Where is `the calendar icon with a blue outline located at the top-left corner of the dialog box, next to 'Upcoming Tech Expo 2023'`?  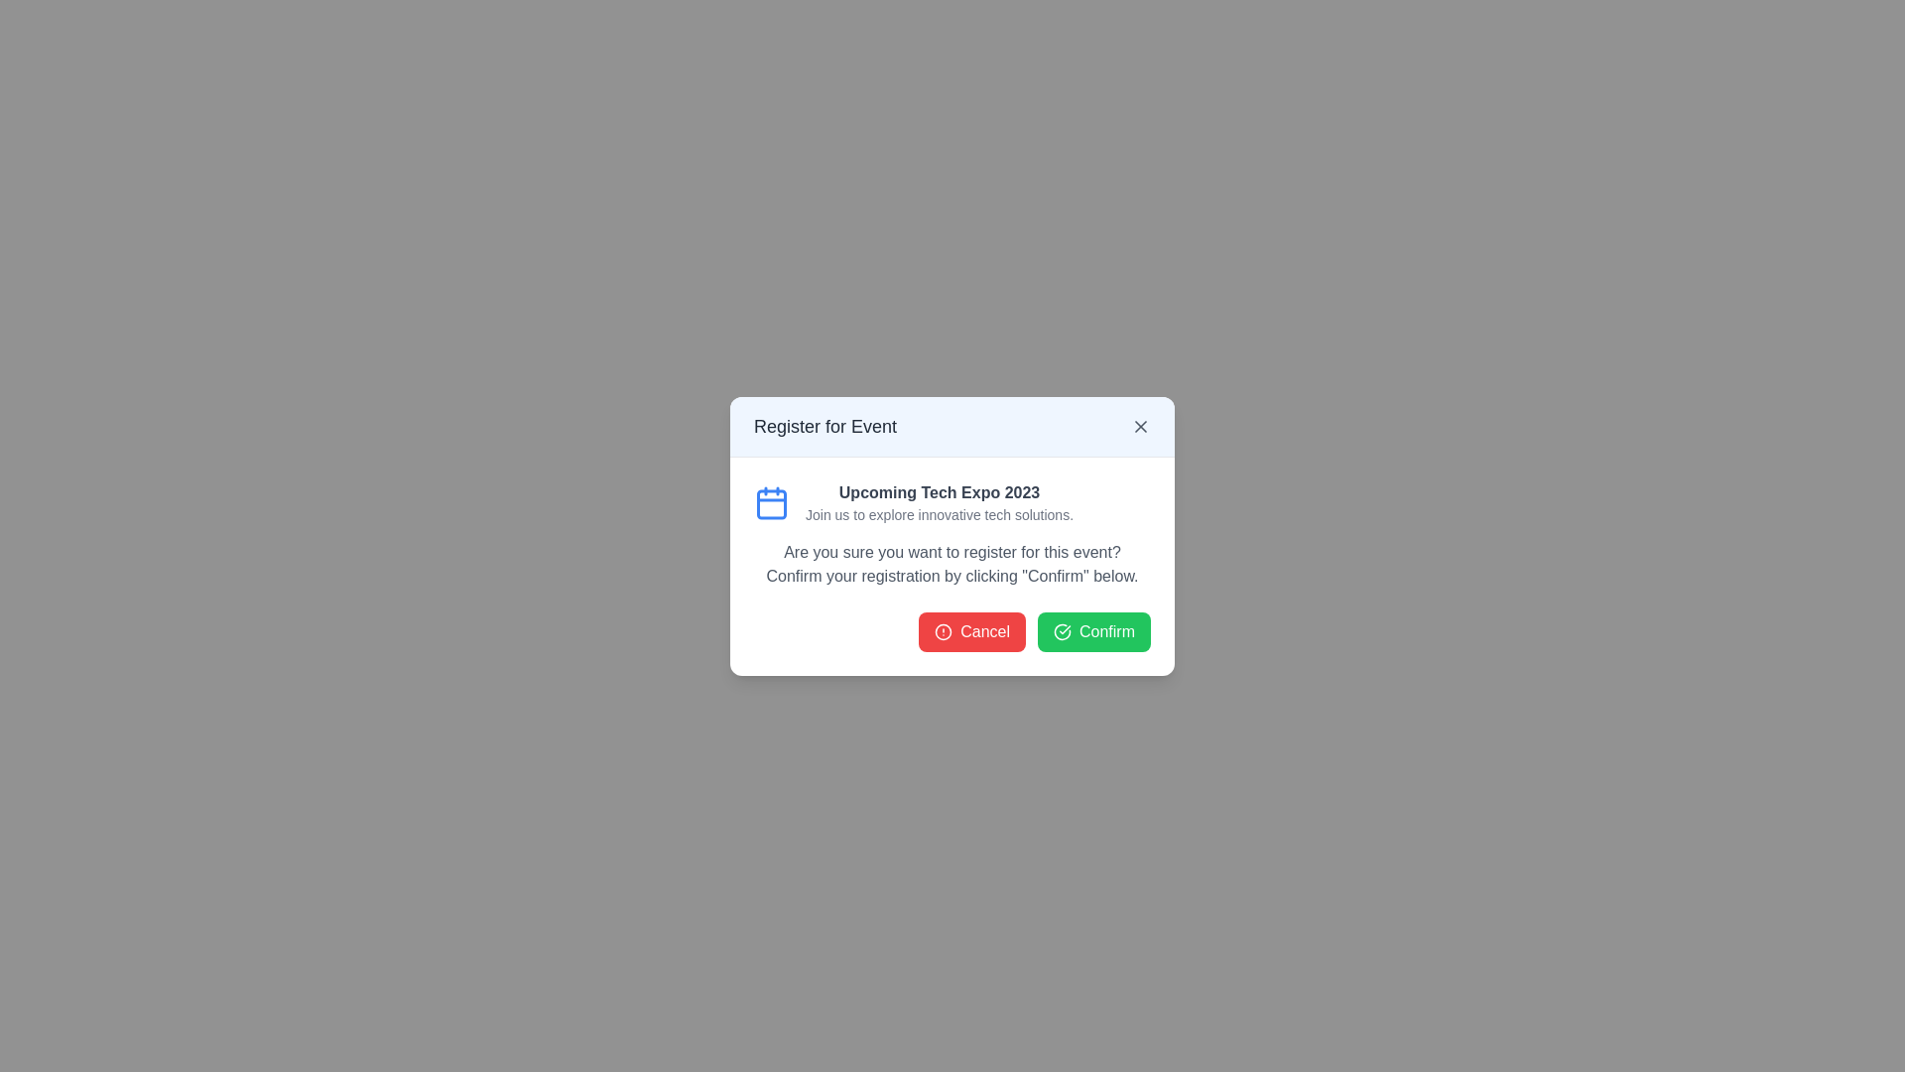
the calendar icon with a blue outline located at the top-left corner of the dialog box, next to 'Upcoming Tech Expo 2023' is located at coordinates (770, 500).